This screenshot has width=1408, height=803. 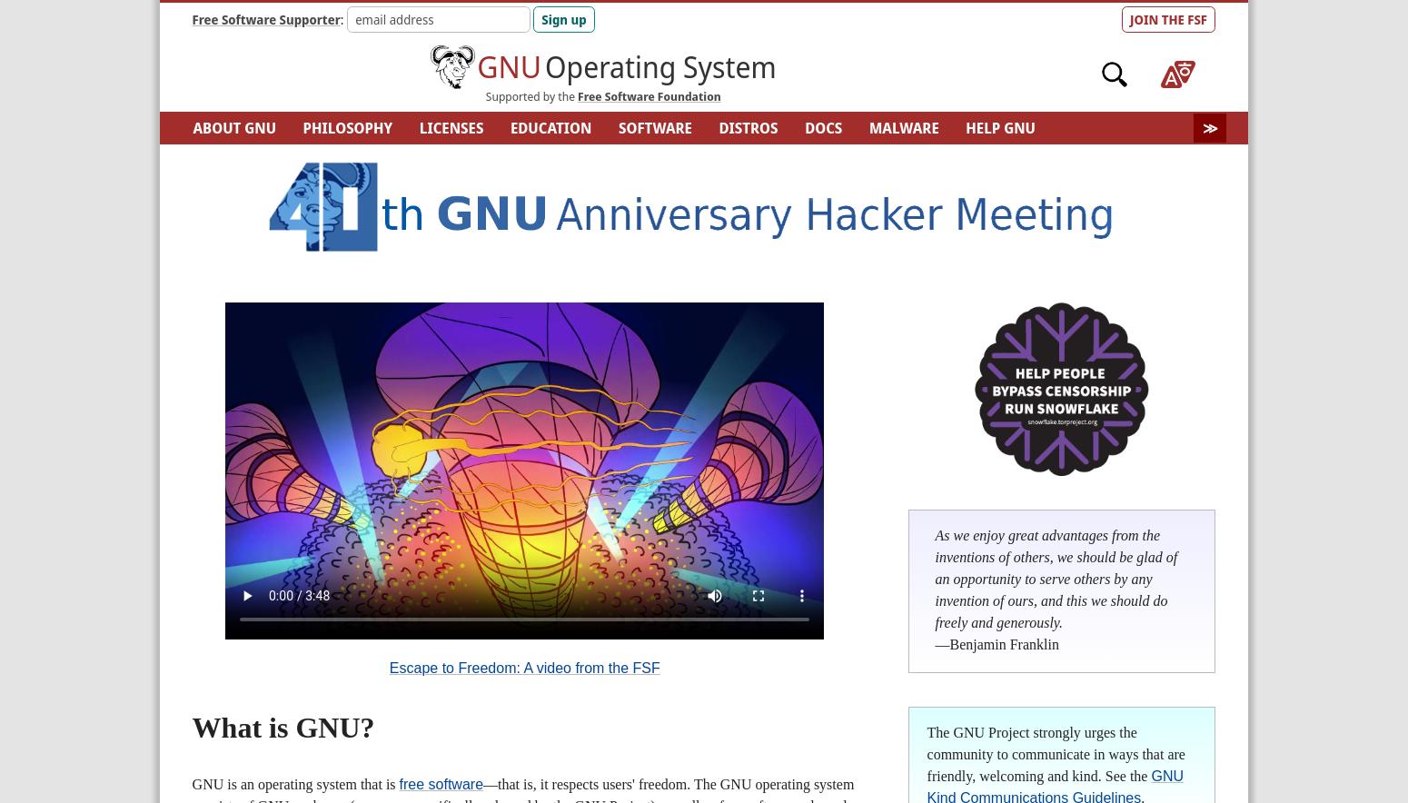 What do you see at coordinates (1129, 18) in the screenshot?
I see `'JOIN THE FSF'` at bounding box center [1129, 18].